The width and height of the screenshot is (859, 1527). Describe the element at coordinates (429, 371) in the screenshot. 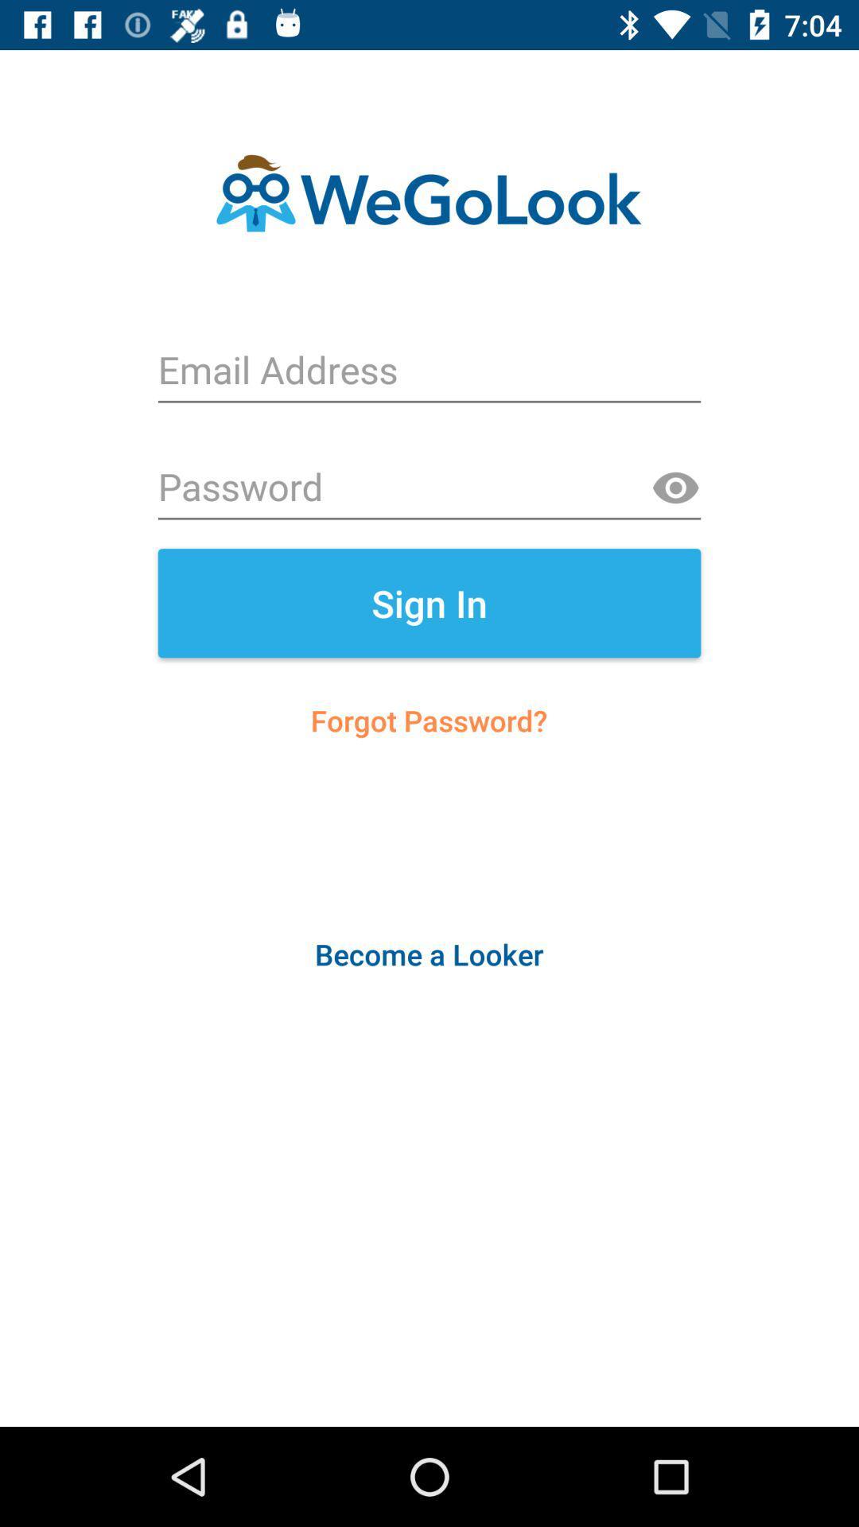

I see `email address` at that location.